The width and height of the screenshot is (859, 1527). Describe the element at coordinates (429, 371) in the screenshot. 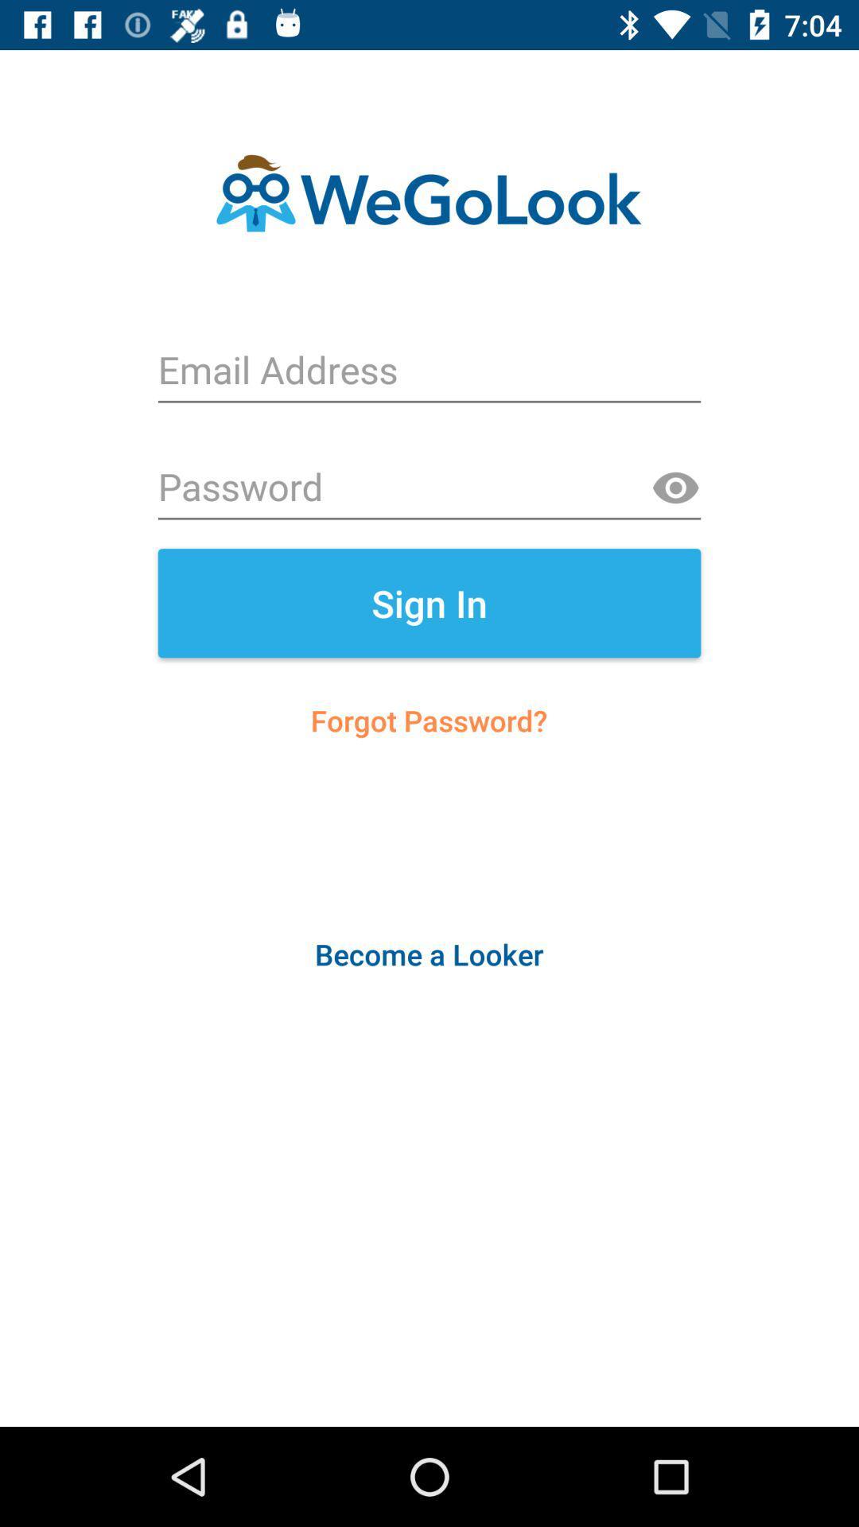

I see `email address` at that location.